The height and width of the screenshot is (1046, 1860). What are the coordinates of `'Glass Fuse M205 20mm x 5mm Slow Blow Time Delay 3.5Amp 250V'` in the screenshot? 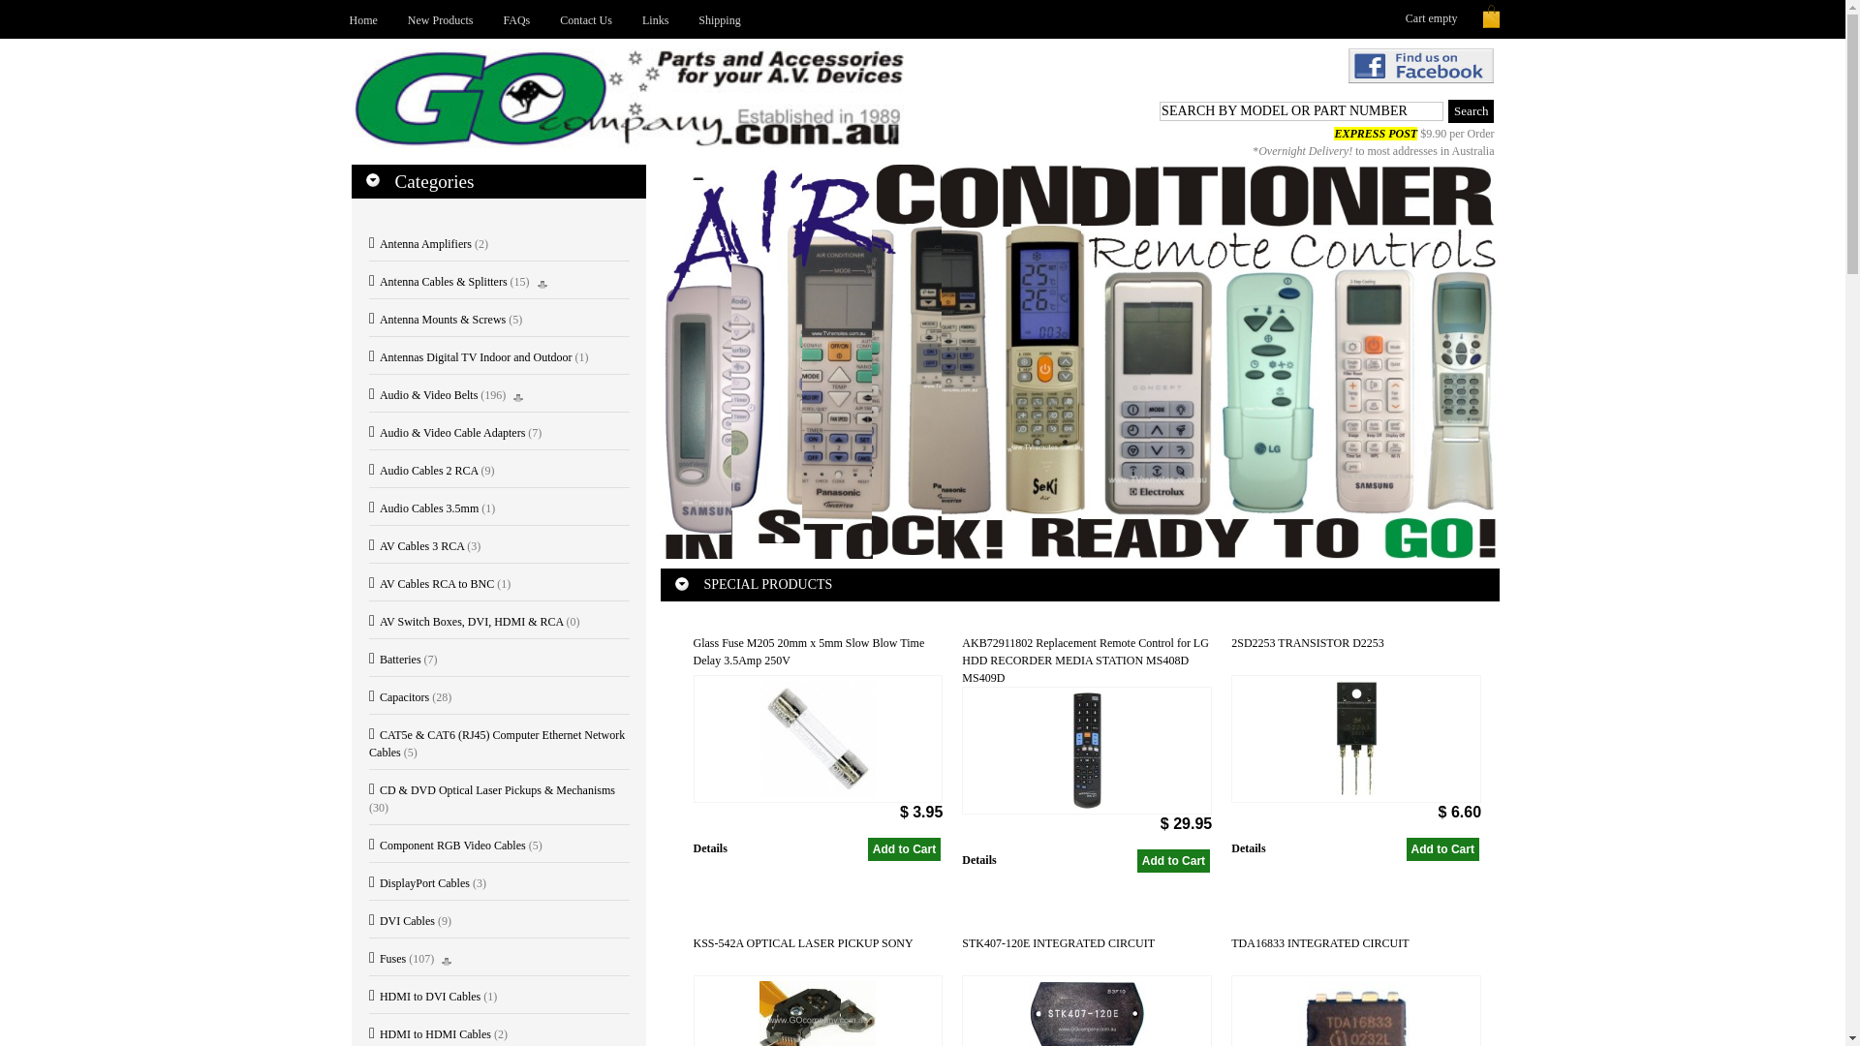 It's located at (818, 654).